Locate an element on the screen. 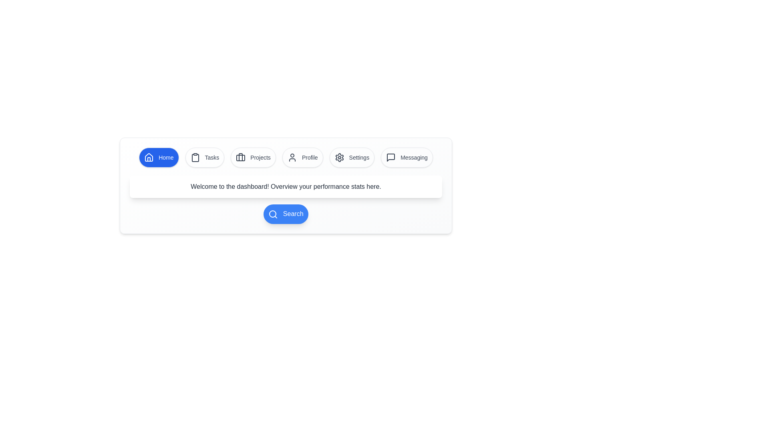 Image resolution: width=769 pixels, height=432 pixels. the clipboard icon, which visually represents a clipboard and is positioned in the upper section of the interface is located at coordinates (195, 158).